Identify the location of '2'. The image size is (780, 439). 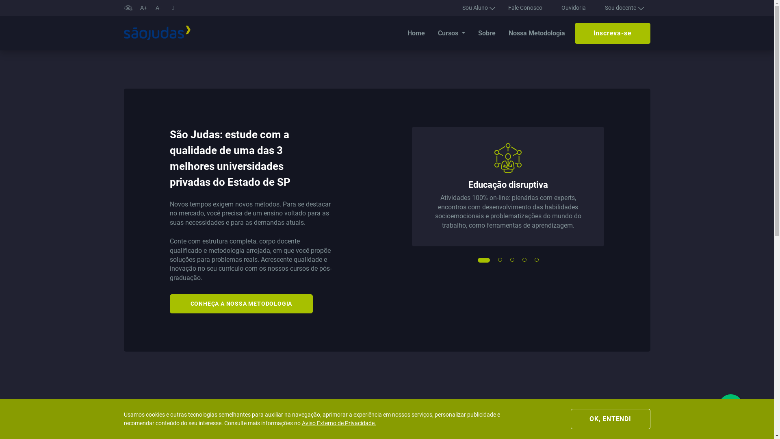
(500, 260).